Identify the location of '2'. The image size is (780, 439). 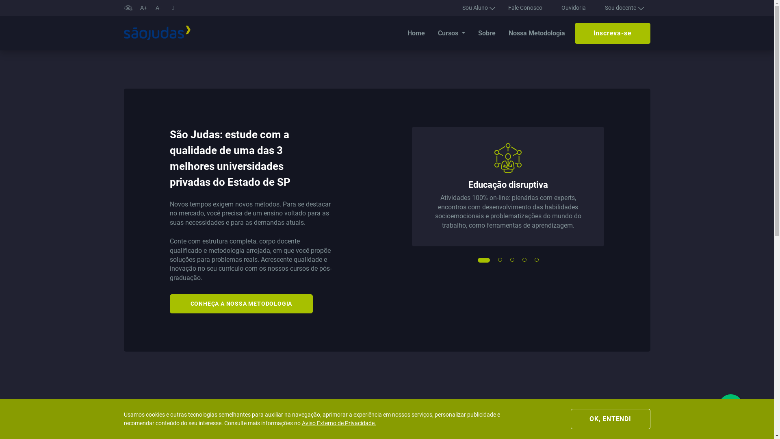
(500, 260).